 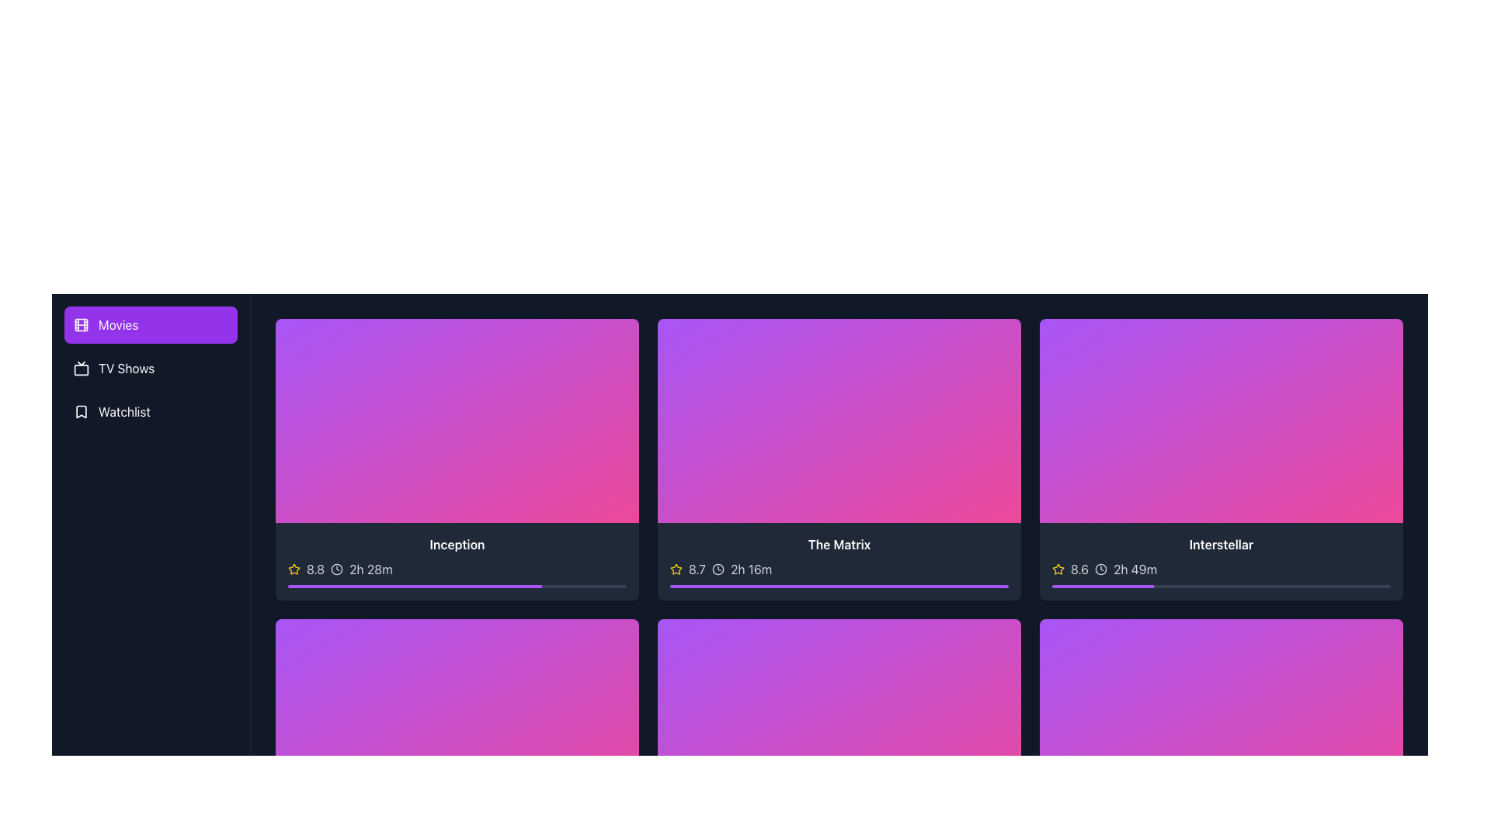 What do you see at coordinates (1221, 587) in the screenshot?
I see `the progress level of the horizontal progress bar located at the bottom of the 'Interstellar' section, directly below the text '2h 49m'` at bounding box center [1221, 587].